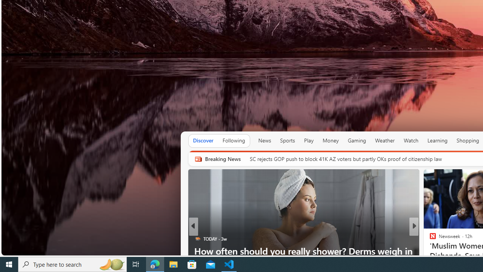 The width and height of the screenshot is (483, 272). What do you see at coordinates (331, 141) in the screenshot?
I see `'Money'` at bounding box center [331, 141].